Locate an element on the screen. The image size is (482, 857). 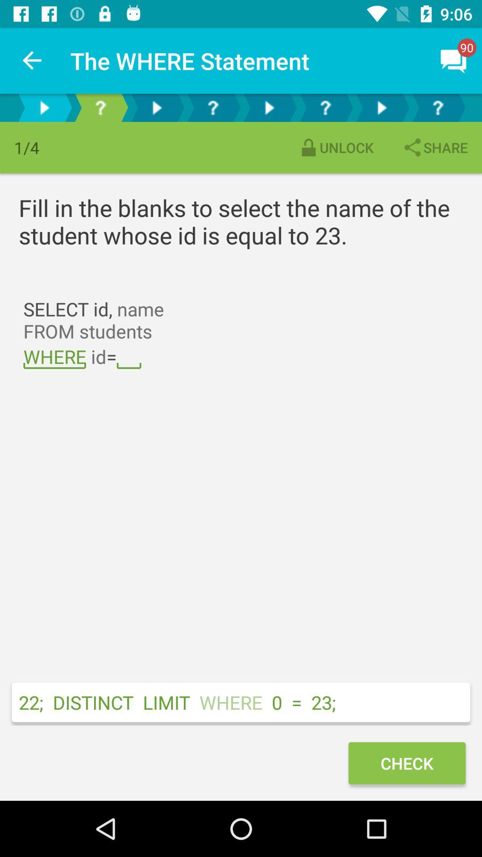
help is located at coordinates (100, 107).